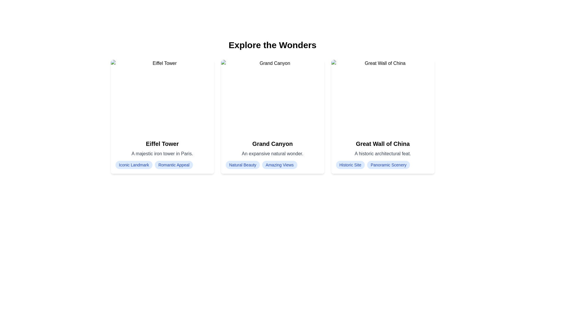 The image size is (563, 317). I want to click on the Badge (Label) that describes the Grand Canyon, positioned centrally in the middle column of a three-column layout, directly below the text about the Grand Canyon, so click(243, 165).